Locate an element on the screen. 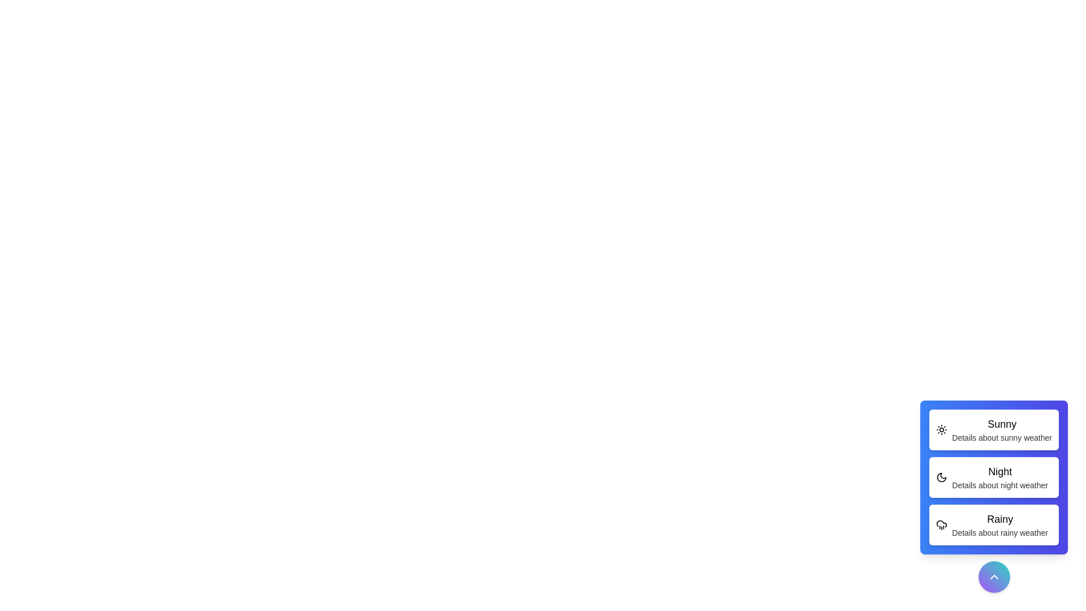 The width and height of the screenshot is (1086, 611). the weather option Rainy is located at coordinates (993, 525).